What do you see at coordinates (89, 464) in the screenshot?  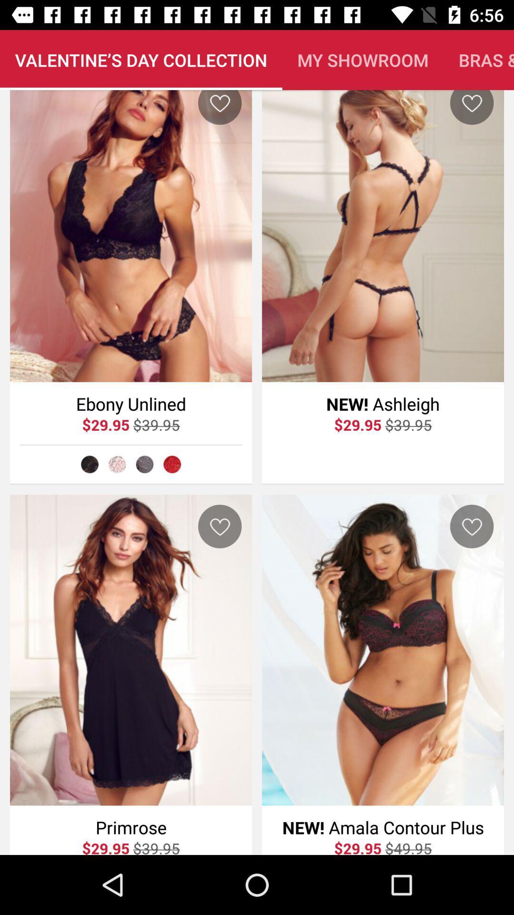 I see `click on color choice` at bounding box center [89, 464].